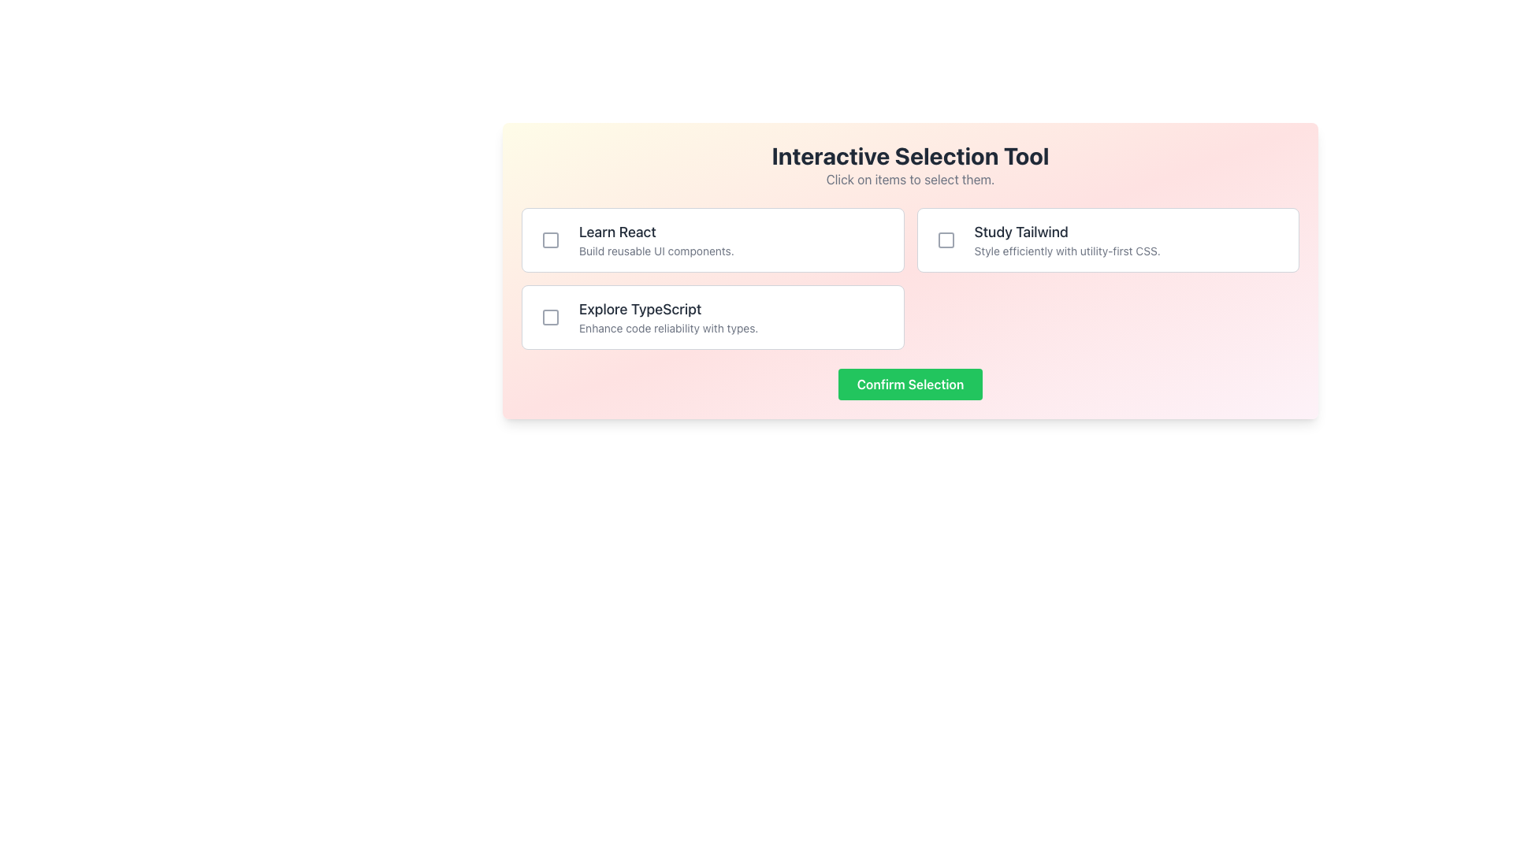 Image resolution: width=1513 pixels, height=851 pixels. I want to click on inner square SVG element representing the state of the checkbox for the 'Study Tailwind' option, so click(946, 240).